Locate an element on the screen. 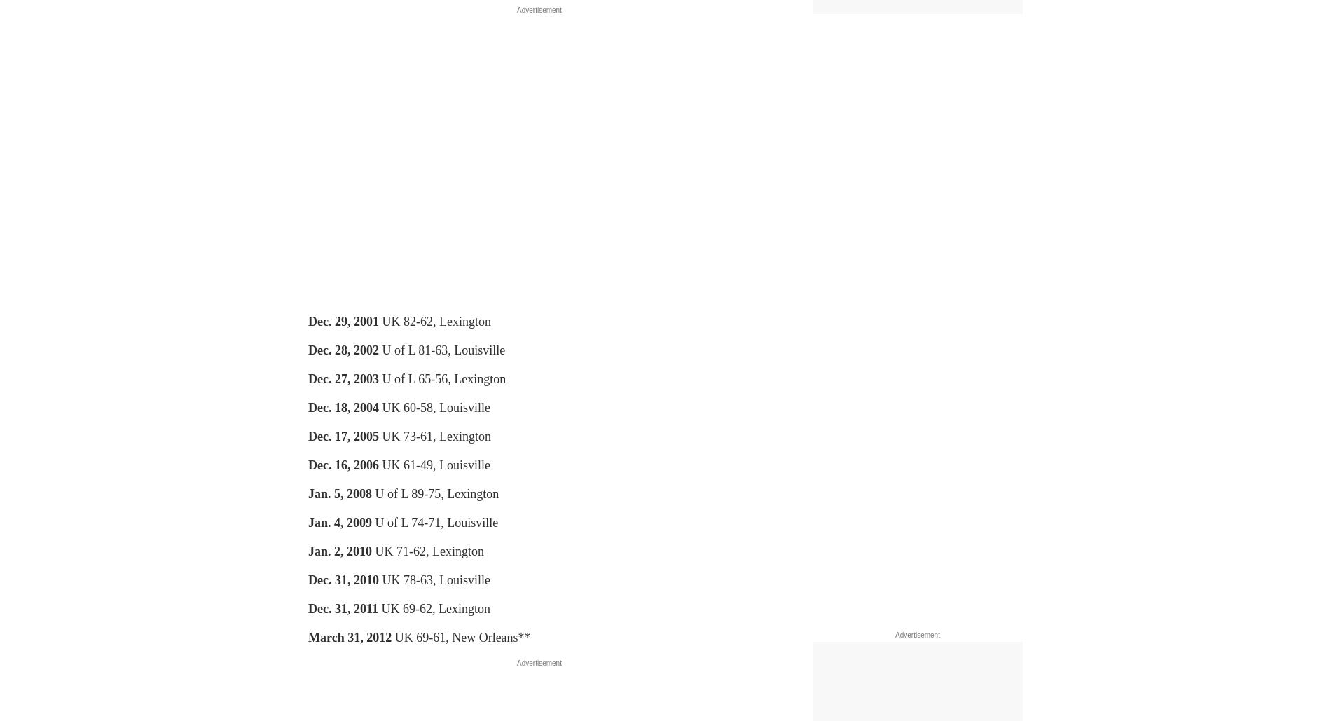 This screenshot has height=721, width=1331. 'U of L 89-75, Lexington' is located at coordinates (435, 493).